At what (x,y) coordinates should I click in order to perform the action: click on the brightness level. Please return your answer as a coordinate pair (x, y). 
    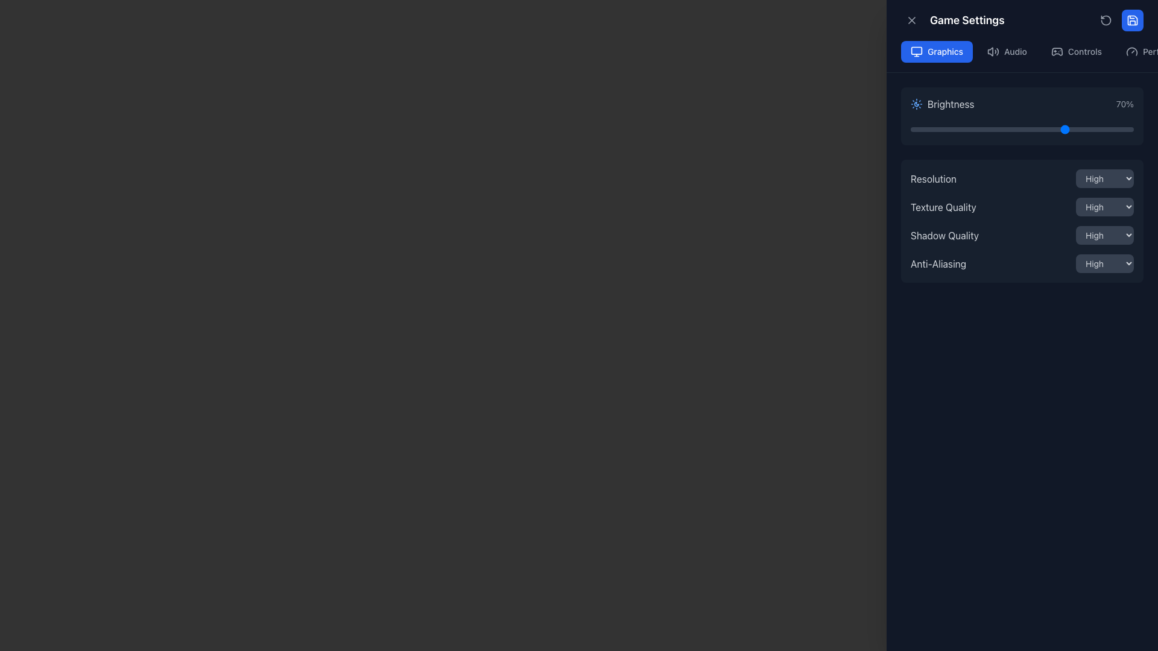
    Looking at the image, I should click on (917, 130).